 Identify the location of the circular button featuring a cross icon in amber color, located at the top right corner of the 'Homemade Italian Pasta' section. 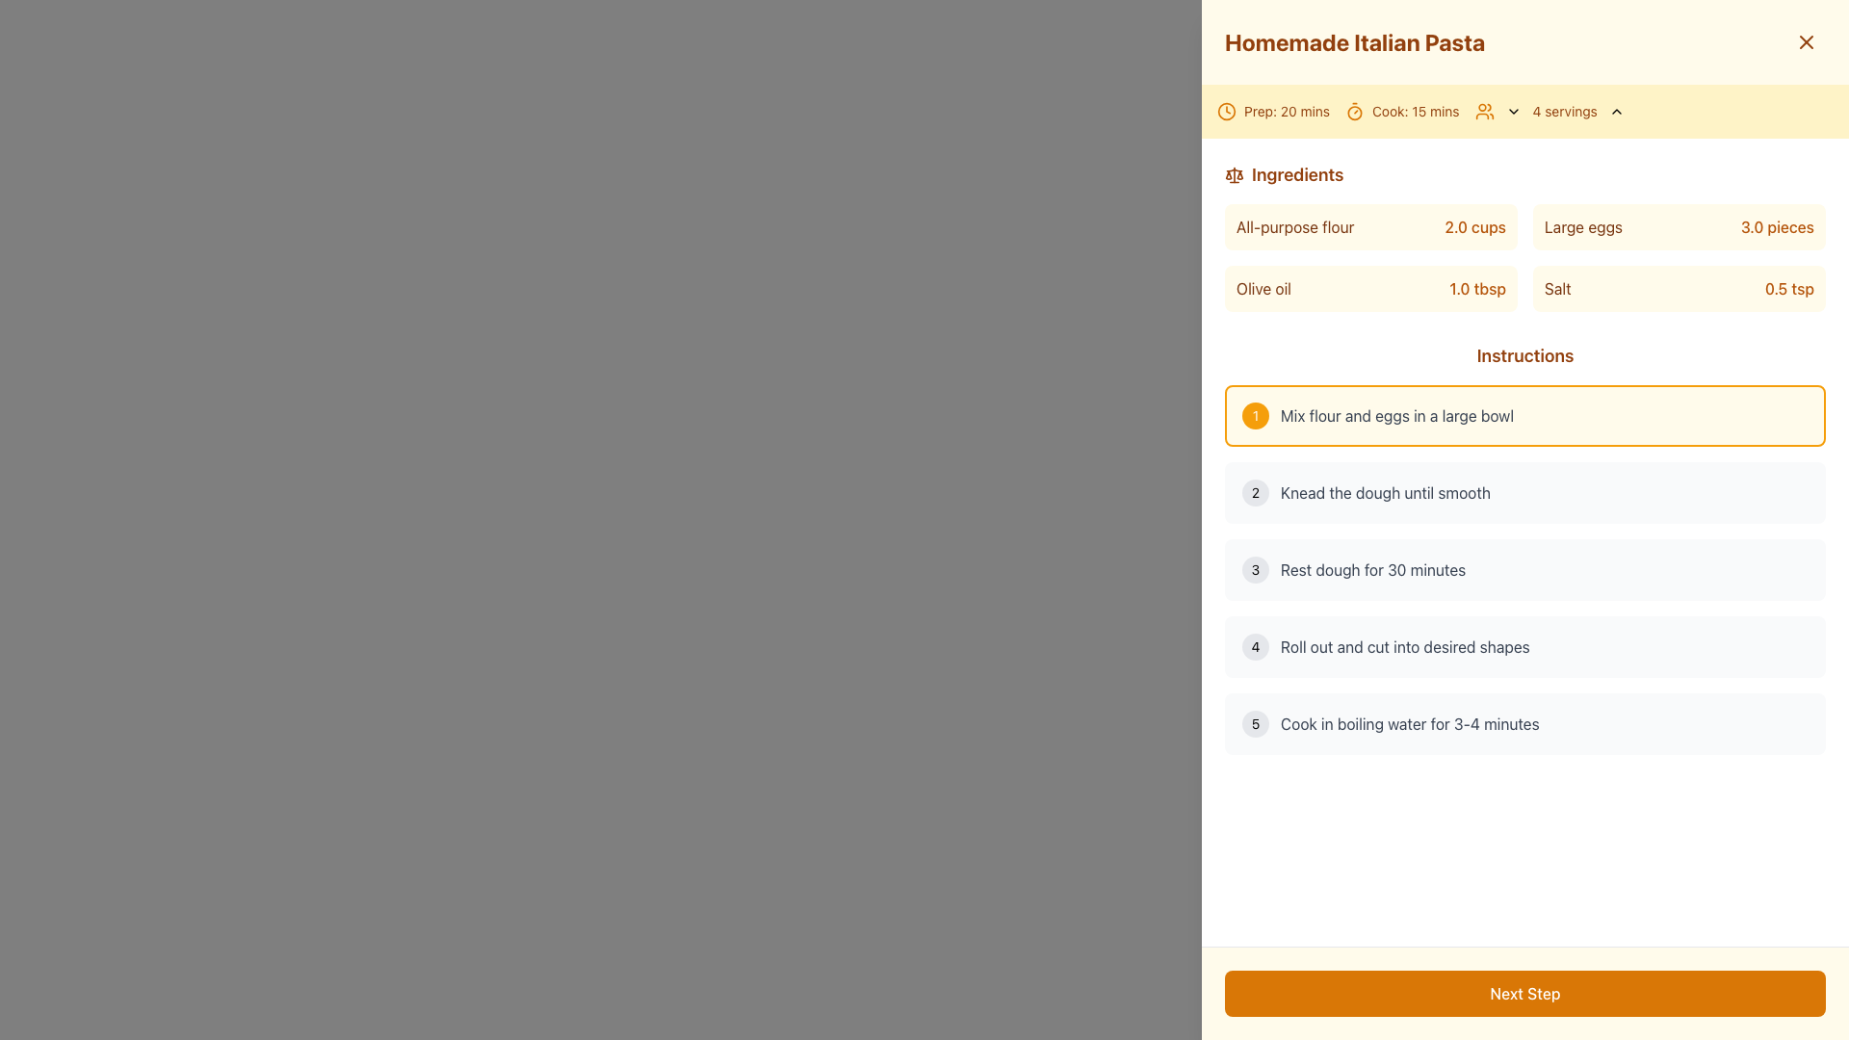
(1806, 41).